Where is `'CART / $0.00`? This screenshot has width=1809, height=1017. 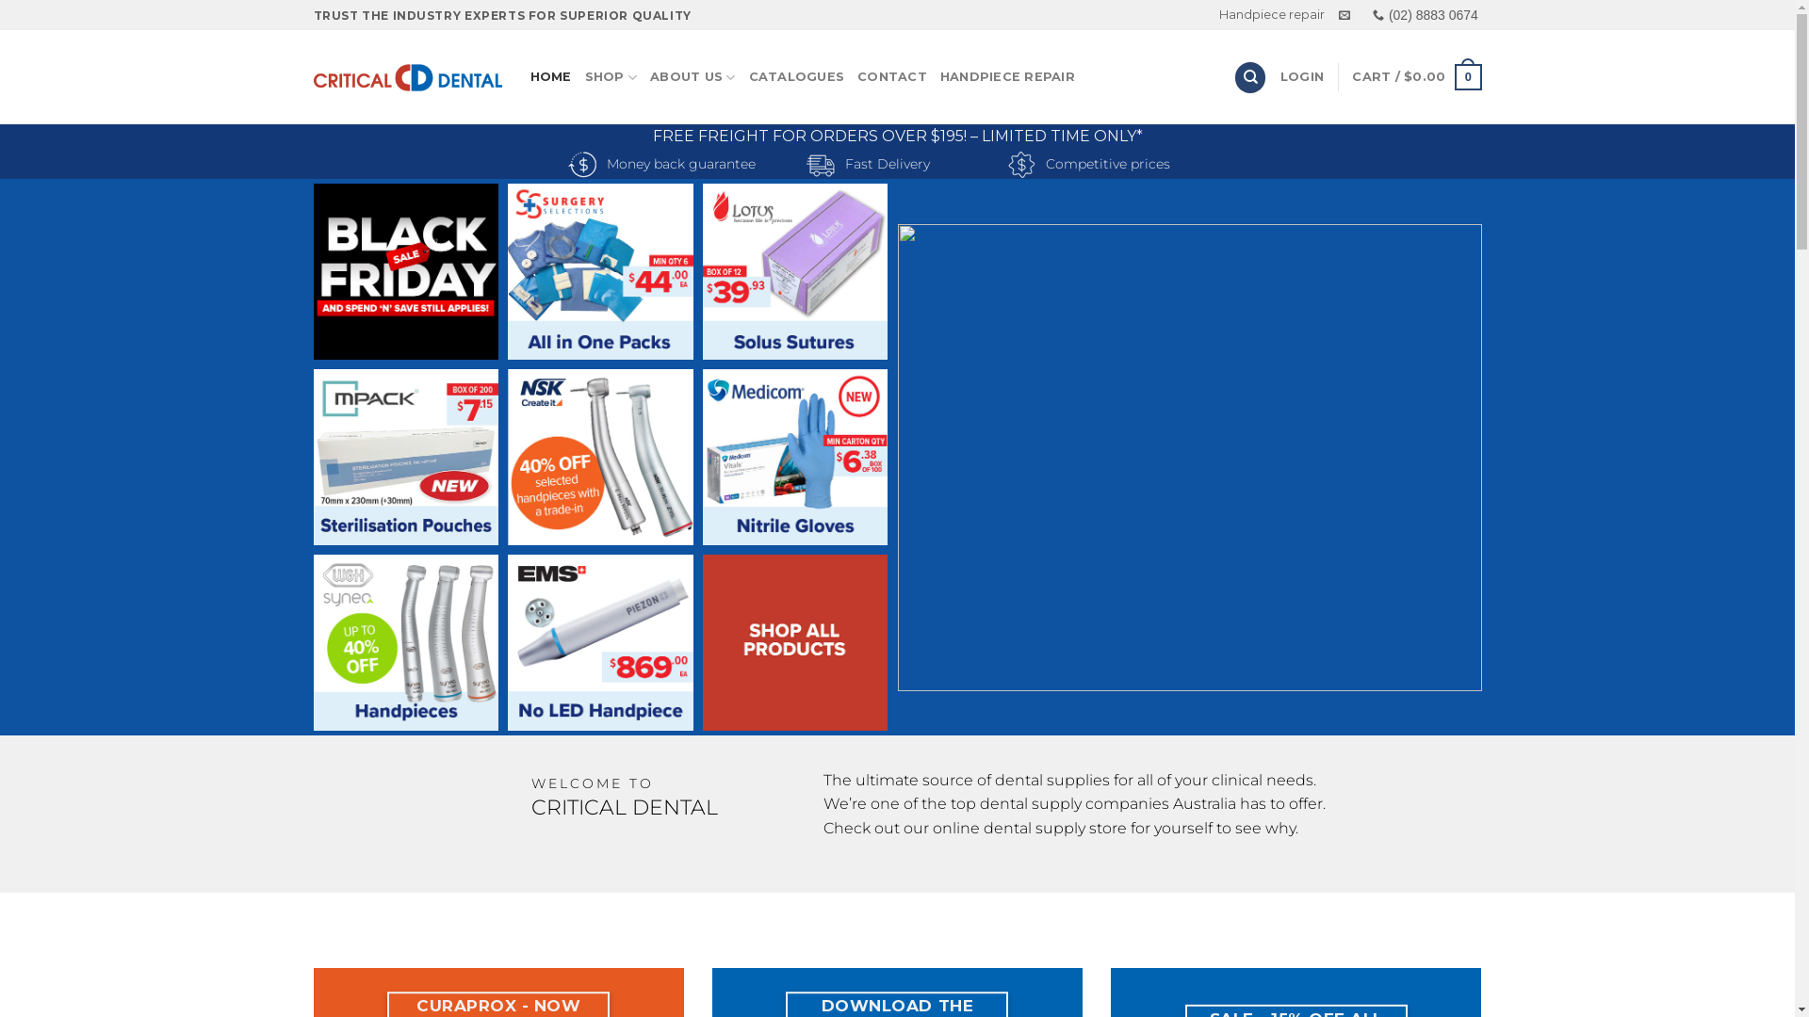
'CART / $0.00 is located at coordinates (1416, 75).